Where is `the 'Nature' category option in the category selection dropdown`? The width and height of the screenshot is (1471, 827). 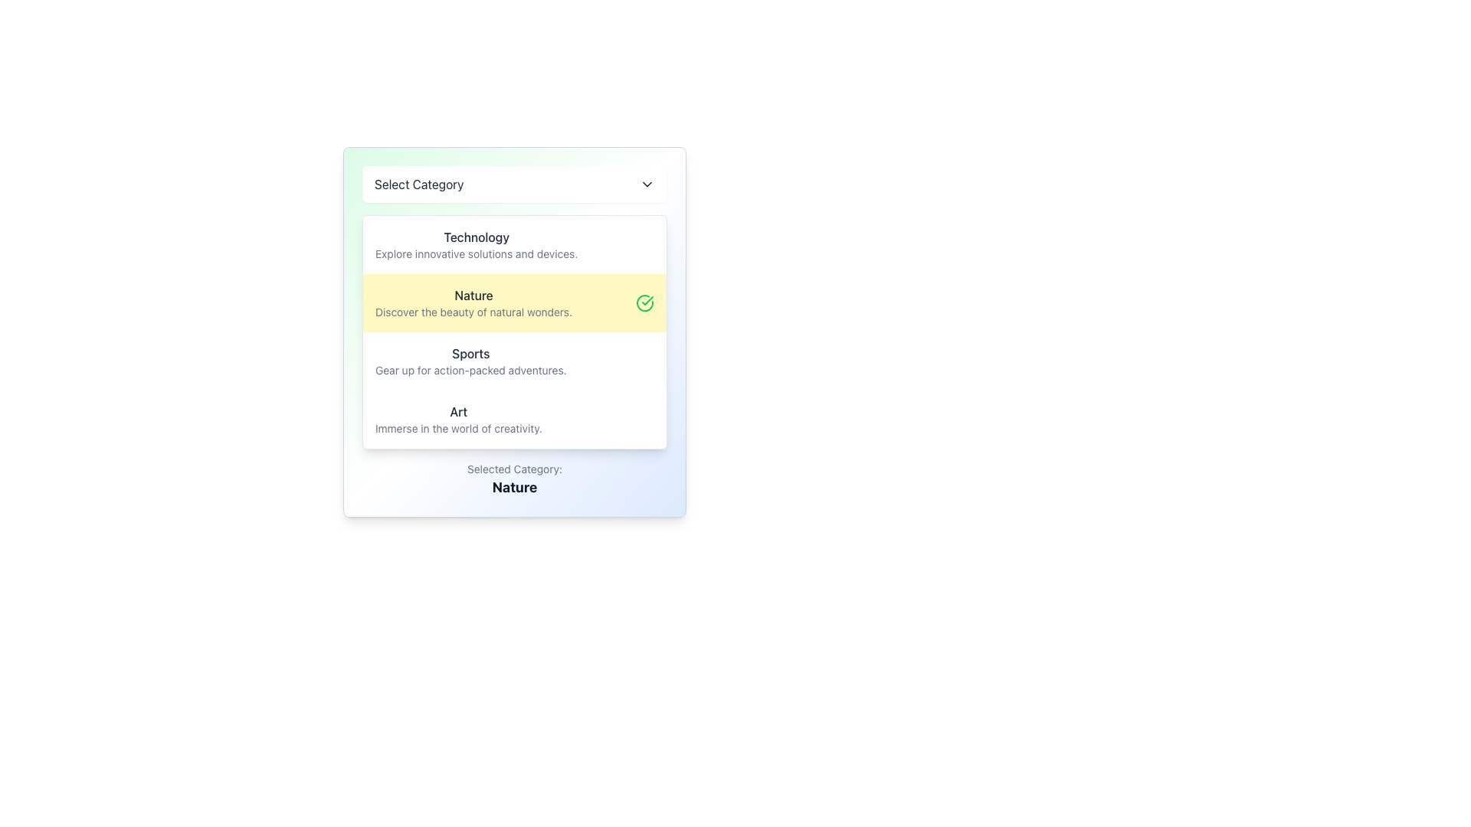 the 'Nature' category option in the category selection dropdown is located at coordinates (473, 303).